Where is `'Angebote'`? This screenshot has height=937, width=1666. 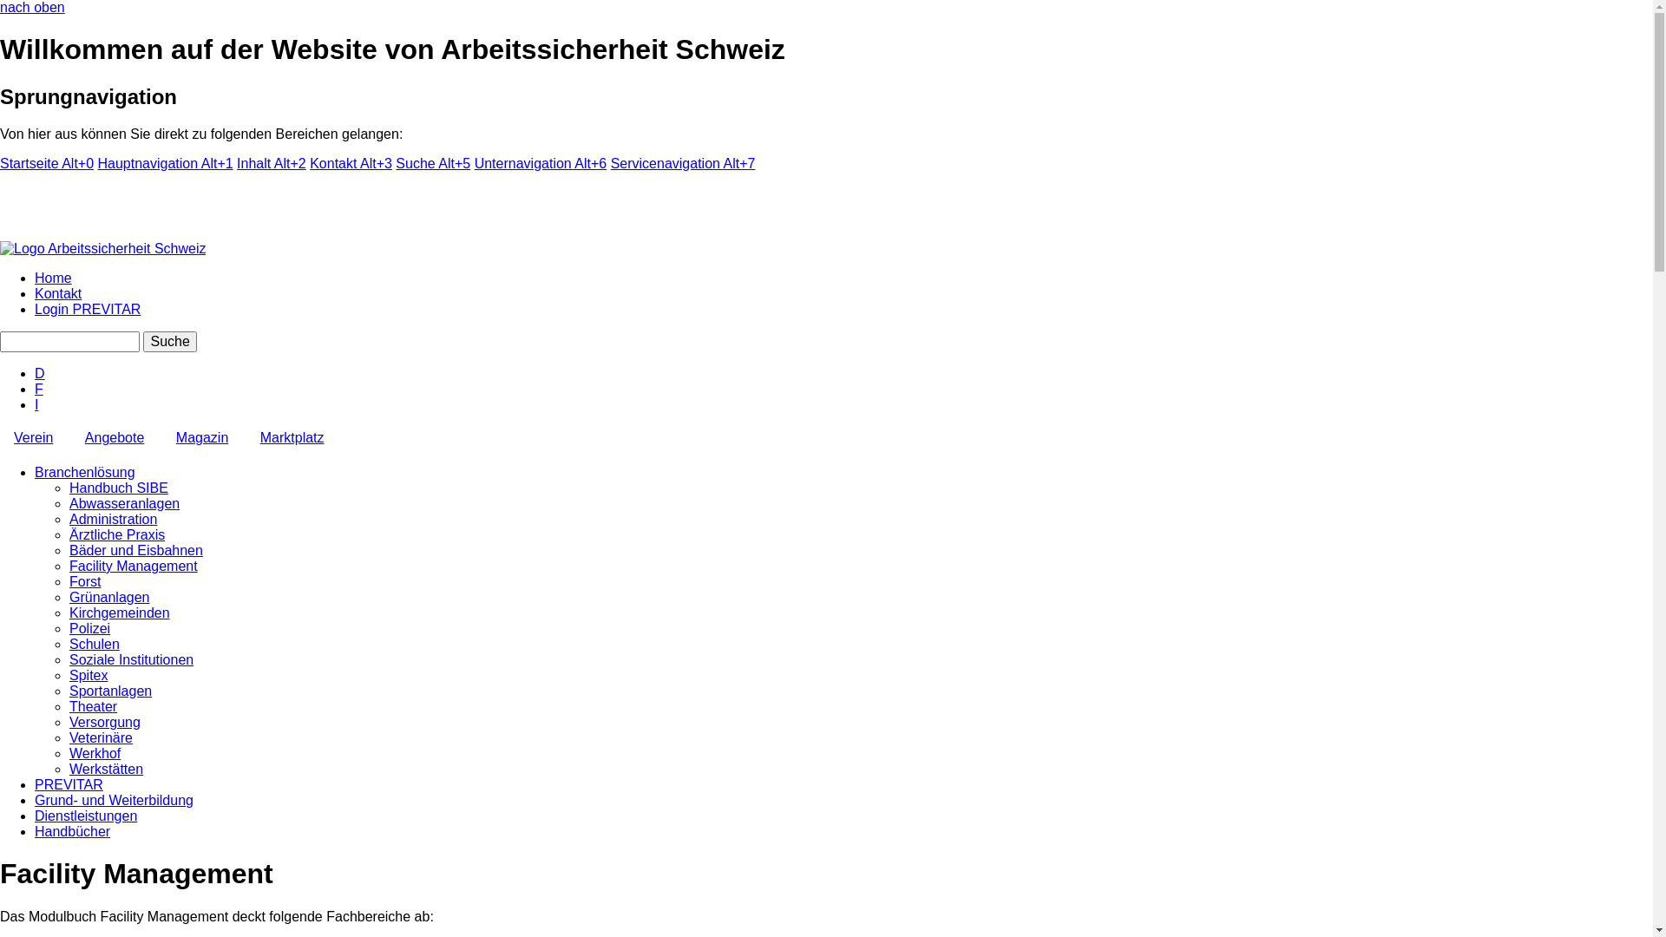
'Angebote' is located at coordinates (114, 437).